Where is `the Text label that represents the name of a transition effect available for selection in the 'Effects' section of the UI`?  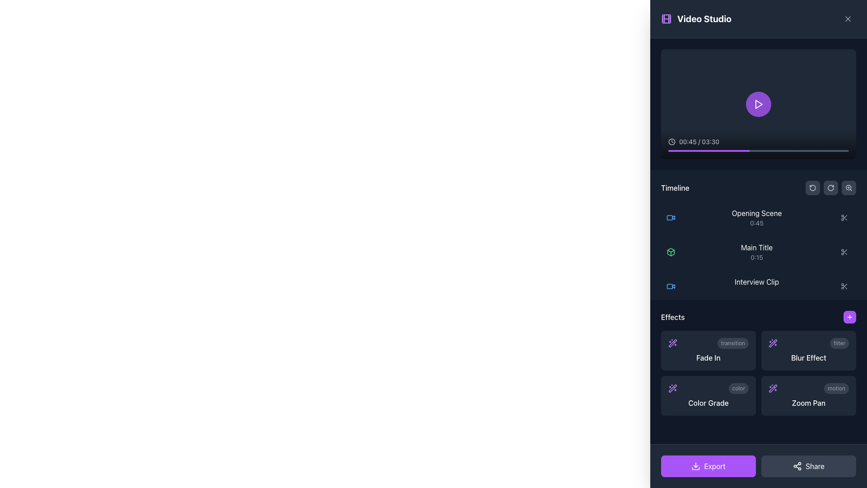
the Text label that represents the name of a transition effect available for selection in the 'Effects' section of the UI is located at coordinates (708, 357).